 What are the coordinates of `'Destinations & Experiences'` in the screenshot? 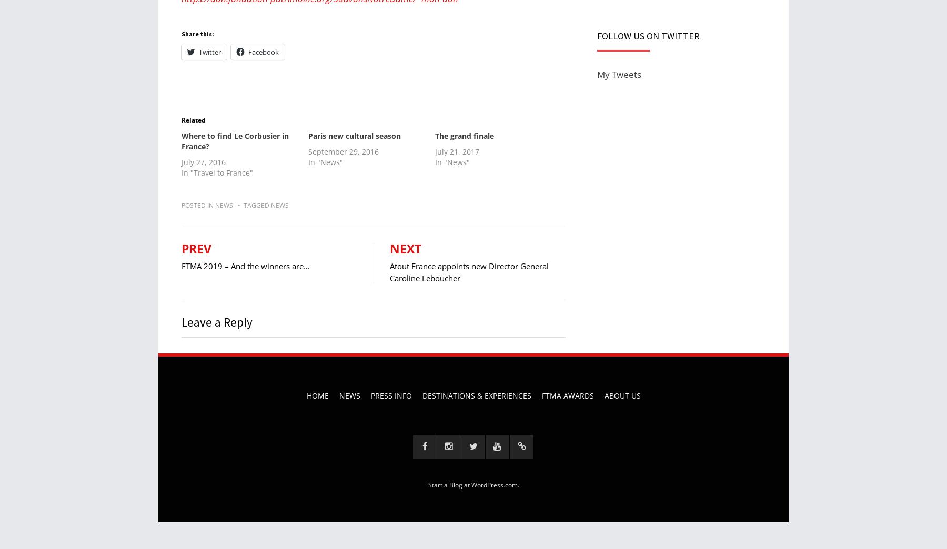 It's located at (476, 395).